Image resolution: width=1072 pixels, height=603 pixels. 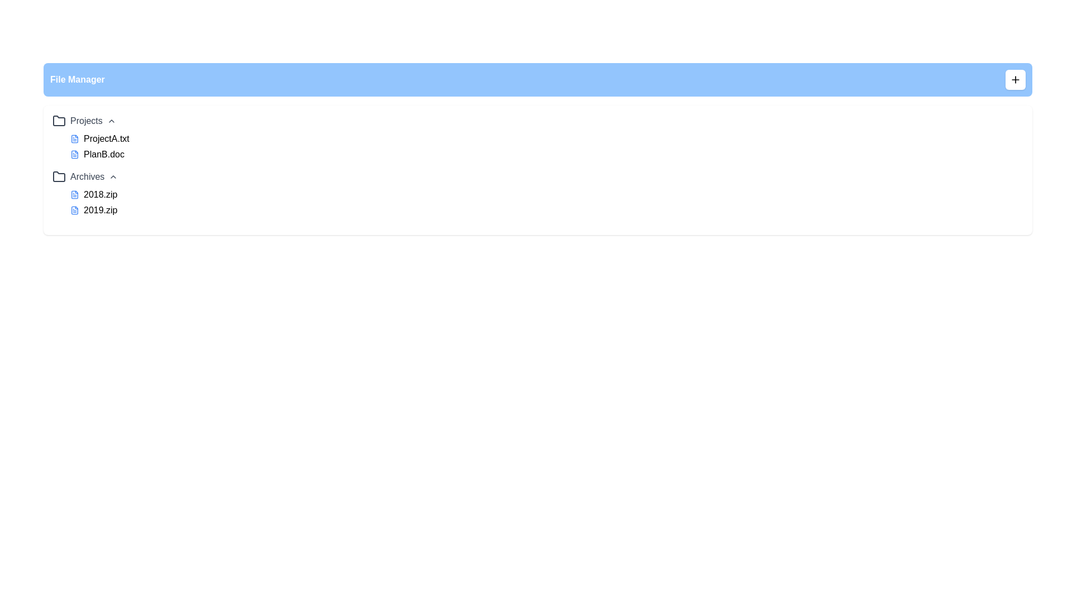 I want to click on the file icon representing 'ProjectA.txt' located in the 'Projects' section of the file manager, so click(x=74, y=138).